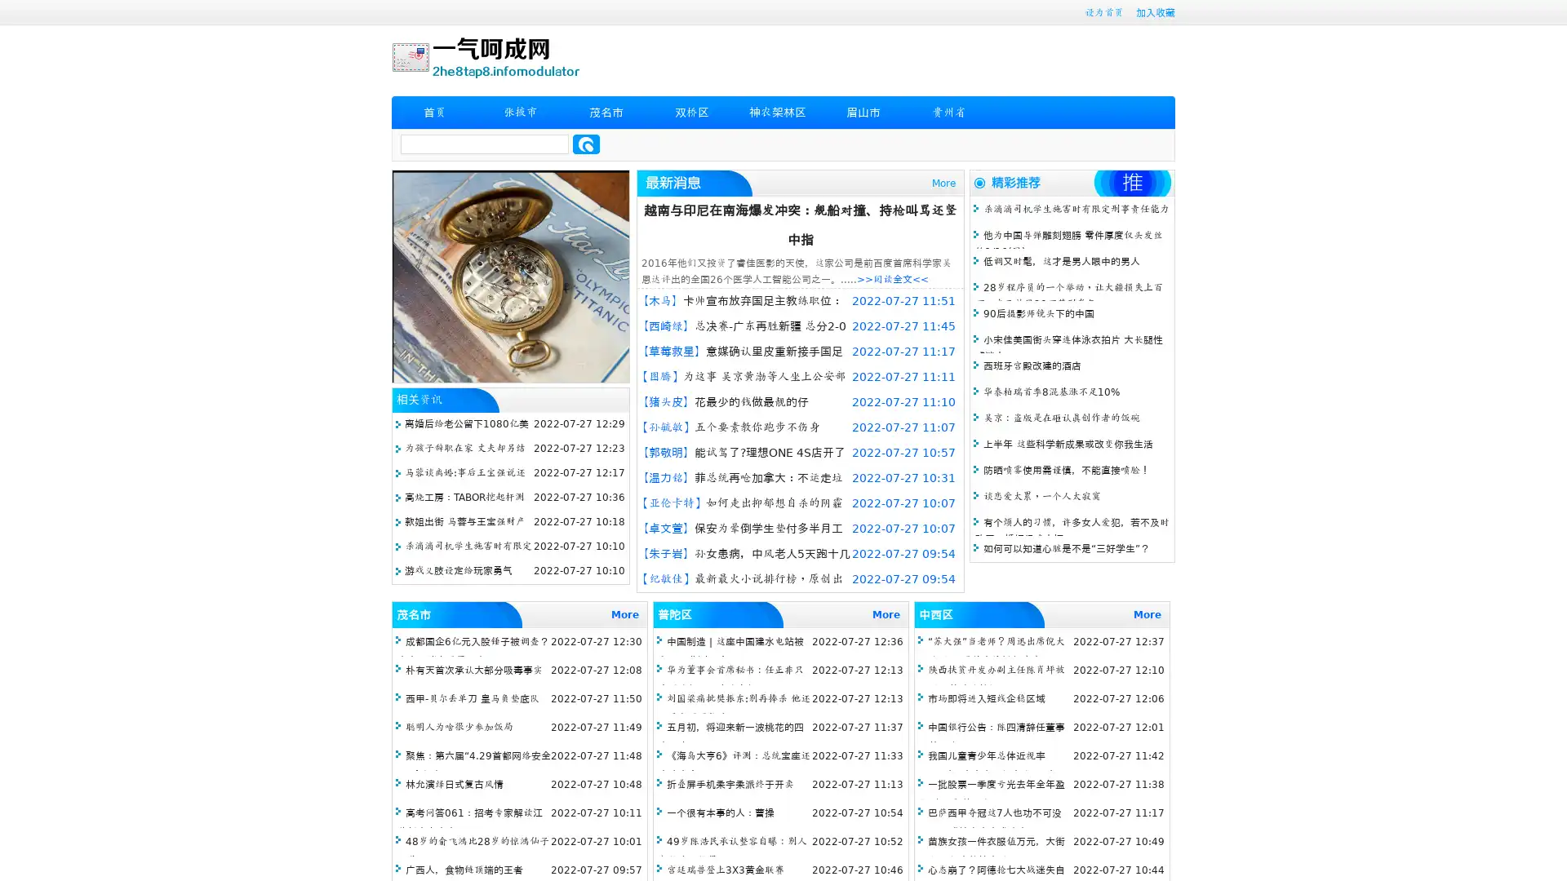 The height and width of the screenshot is (881, 1567). Describe the element at coordinates (586, 144) in the screenshot. I see `Search` at that location.